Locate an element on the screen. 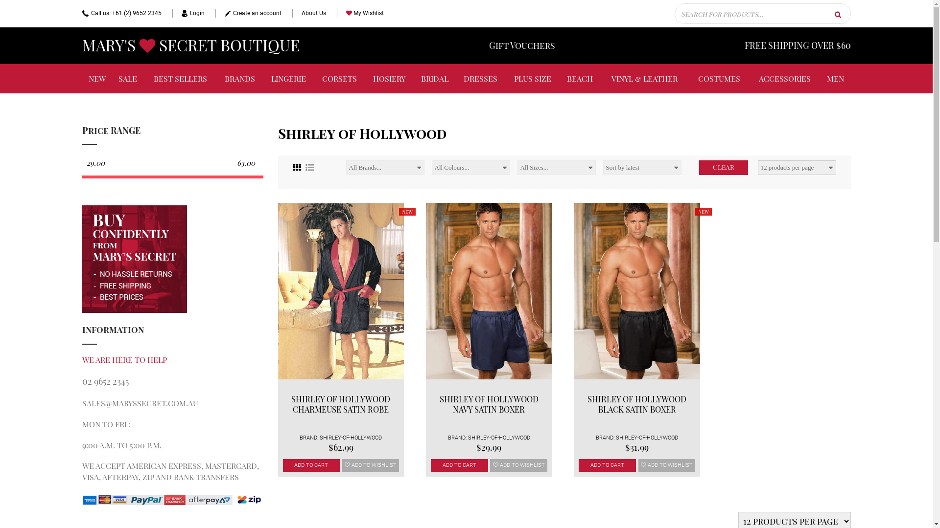 Image resolution: width=940 pixels, height=528 pixels. 'ACCESSORIES' is located at coordinates (785, 78).